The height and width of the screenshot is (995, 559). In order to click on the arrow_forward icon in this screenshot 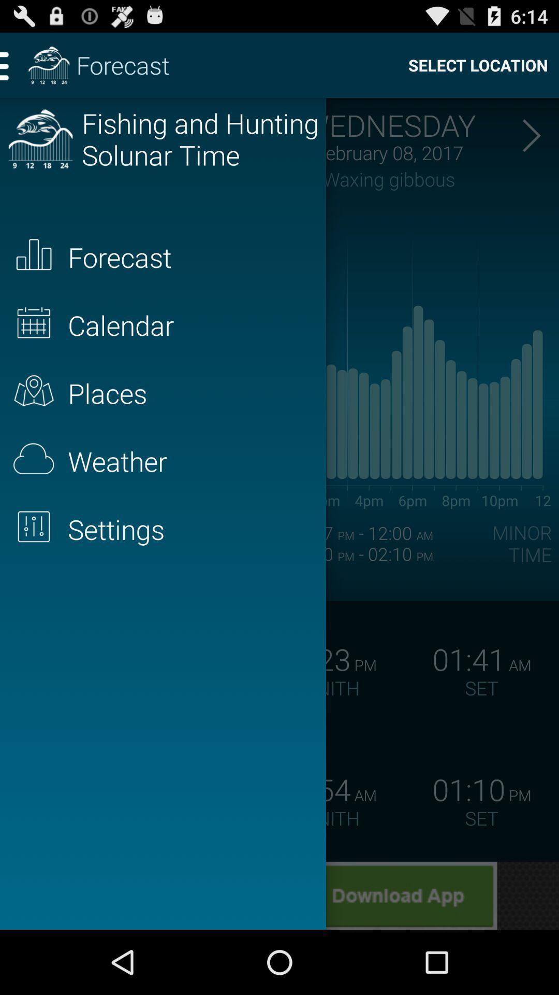, I will do `click(532, 145)`.